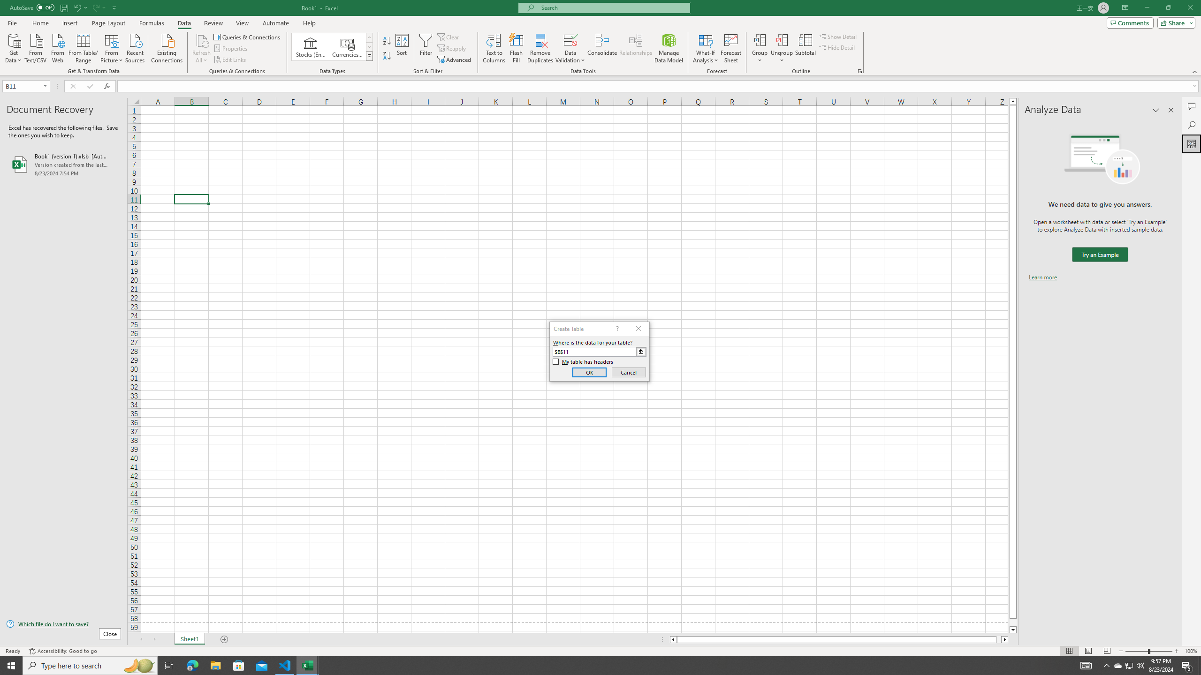 This screenshot has height=675, width=1201. I want to click on 'Consolidate...', so click(602, 48).